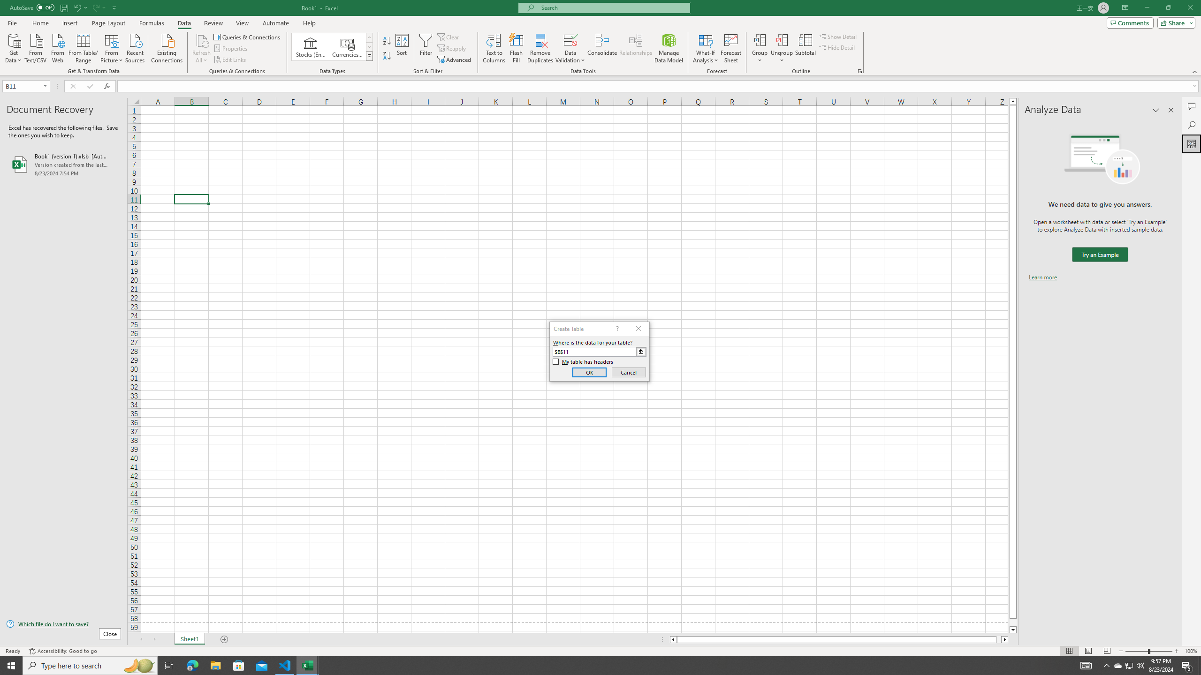 This screenshot has height=675, width=1201. I want to click on 'Consolidate...', so click(602, 48).